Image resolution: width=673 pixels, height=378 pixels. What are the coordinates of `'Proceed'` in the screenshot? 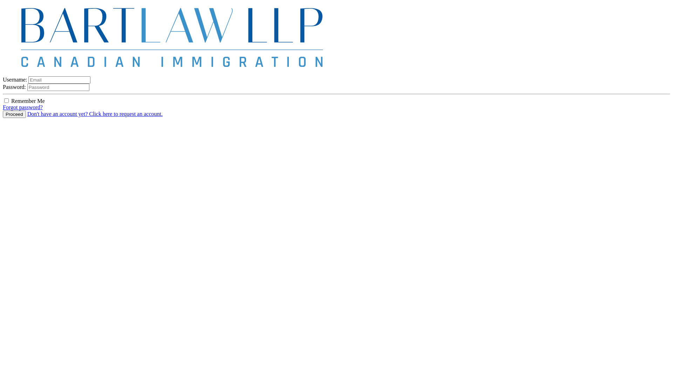 It's located at (3, 114).